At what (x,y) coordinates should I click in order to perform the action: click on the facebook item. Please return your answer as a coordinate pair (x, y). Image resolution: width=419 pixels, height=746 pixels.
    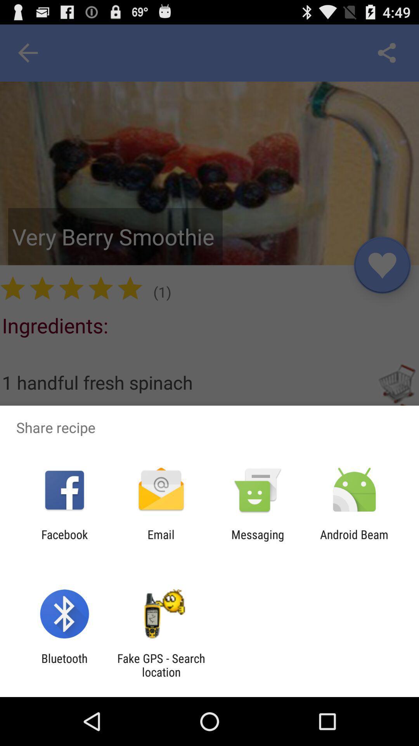
    Looking at the image, I should click on (64, 541).